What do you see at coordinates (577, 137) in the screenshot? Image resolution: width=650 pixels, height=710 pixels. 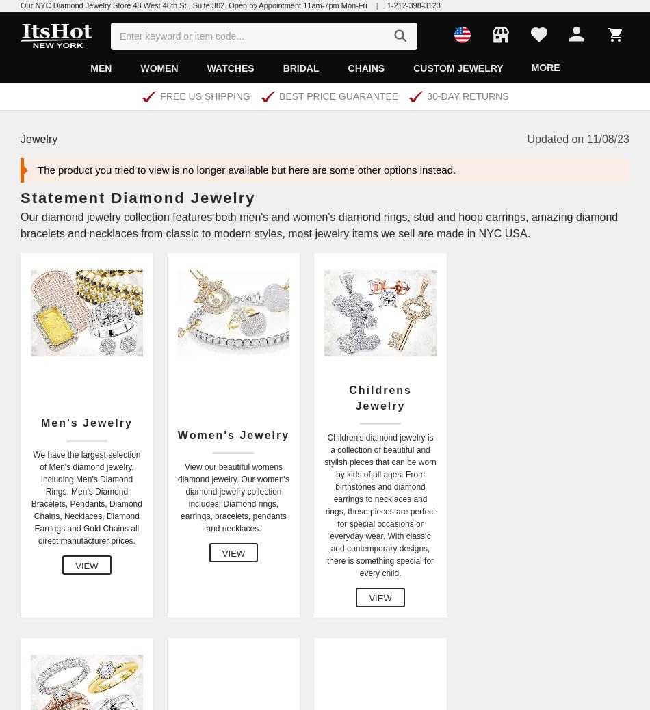 I see `'Updated on 11/08/23'` at bounding box center [577, 137].